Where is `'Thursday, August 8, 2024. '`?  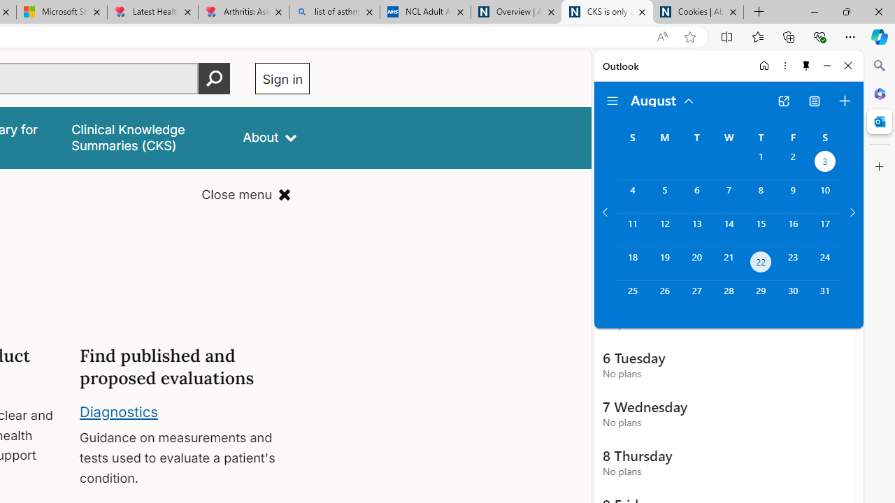 'Thursday, August 8, 2024. ' is located at coordinates (760, 196).